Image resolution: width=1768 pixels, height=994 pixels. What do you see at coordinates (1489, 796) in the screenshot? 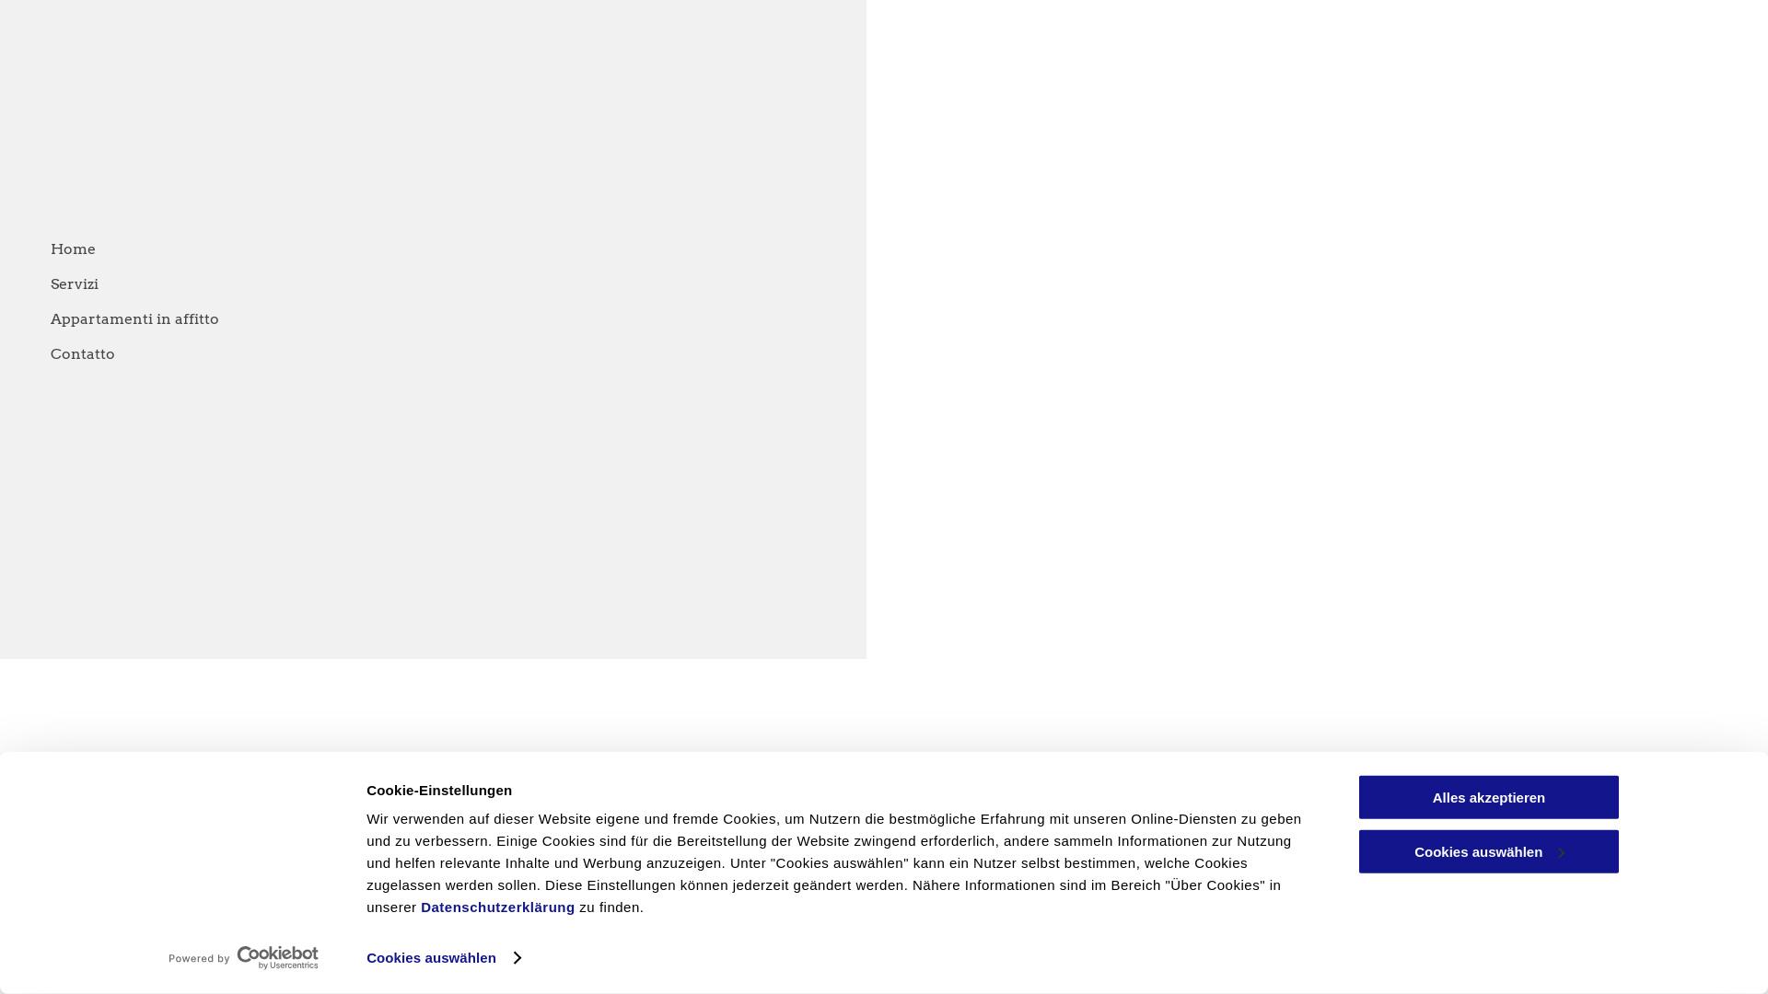
I see `'Alles akzeptieren'` at bounding box center [1489, 796].